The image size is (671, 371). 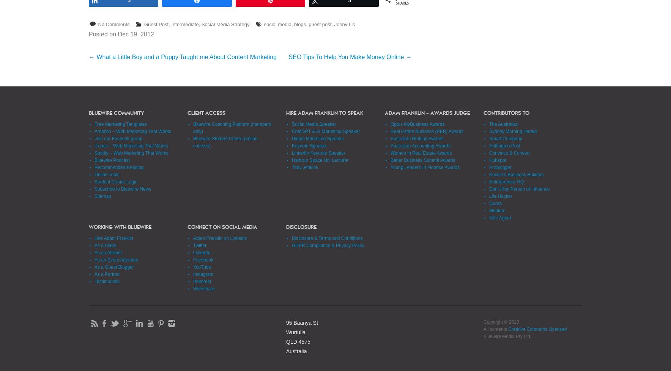 I want to click on 'Medium', so click(x=497, y=210).